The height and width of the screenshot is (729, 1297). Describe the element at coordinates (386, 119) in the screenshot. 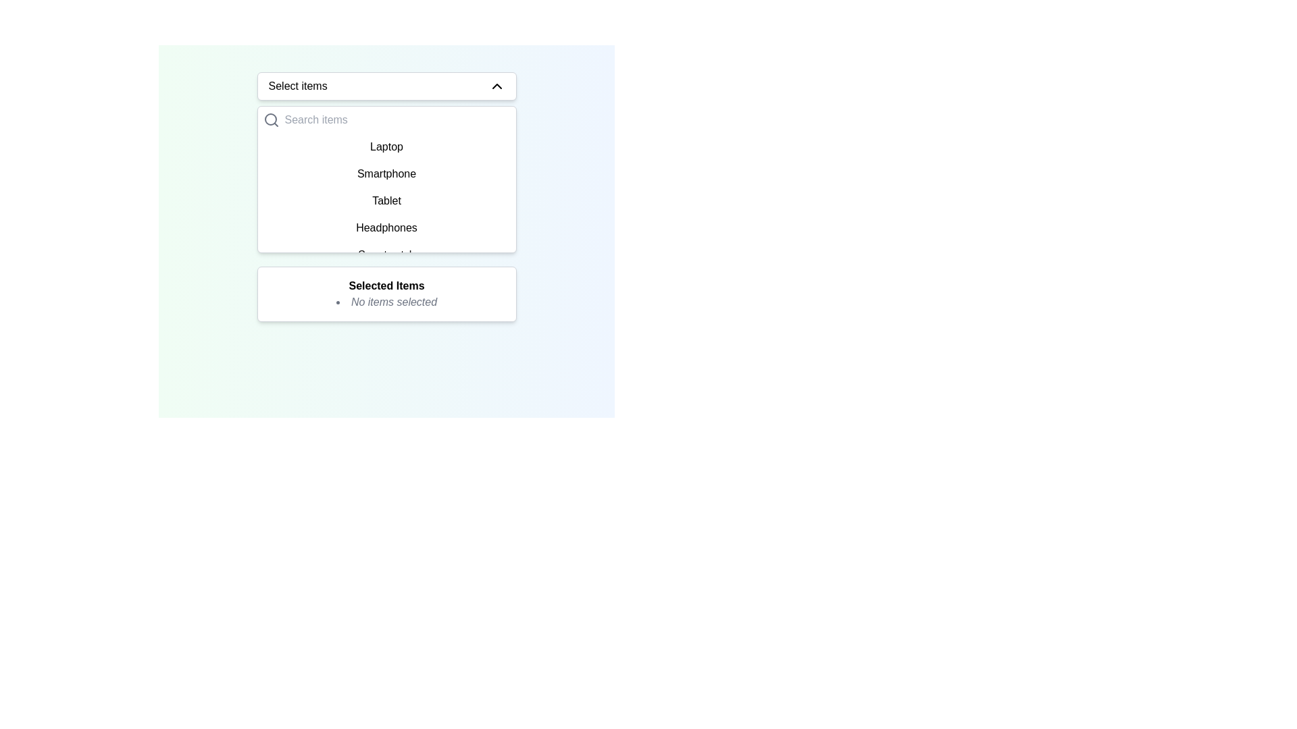

I see `the cursor across the text input field located in the middle-top area of the white dropdown pane that appears under the 'Select items' button` at that location.